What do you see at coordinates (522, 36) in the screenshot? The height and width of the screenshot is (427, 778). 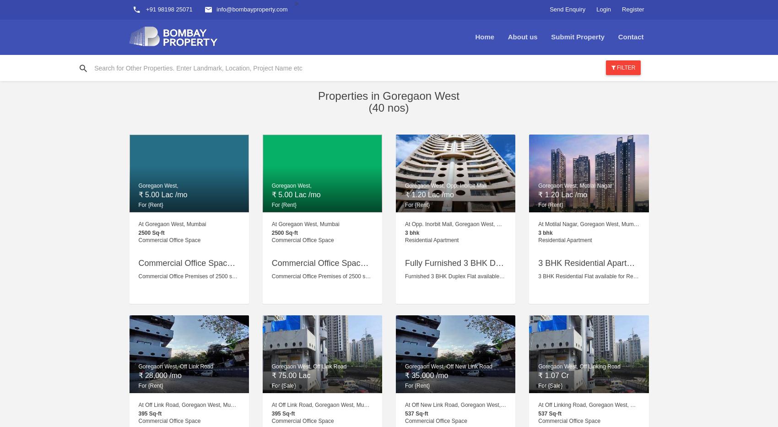 I see `'About us'` at bounding box center [522, 36].